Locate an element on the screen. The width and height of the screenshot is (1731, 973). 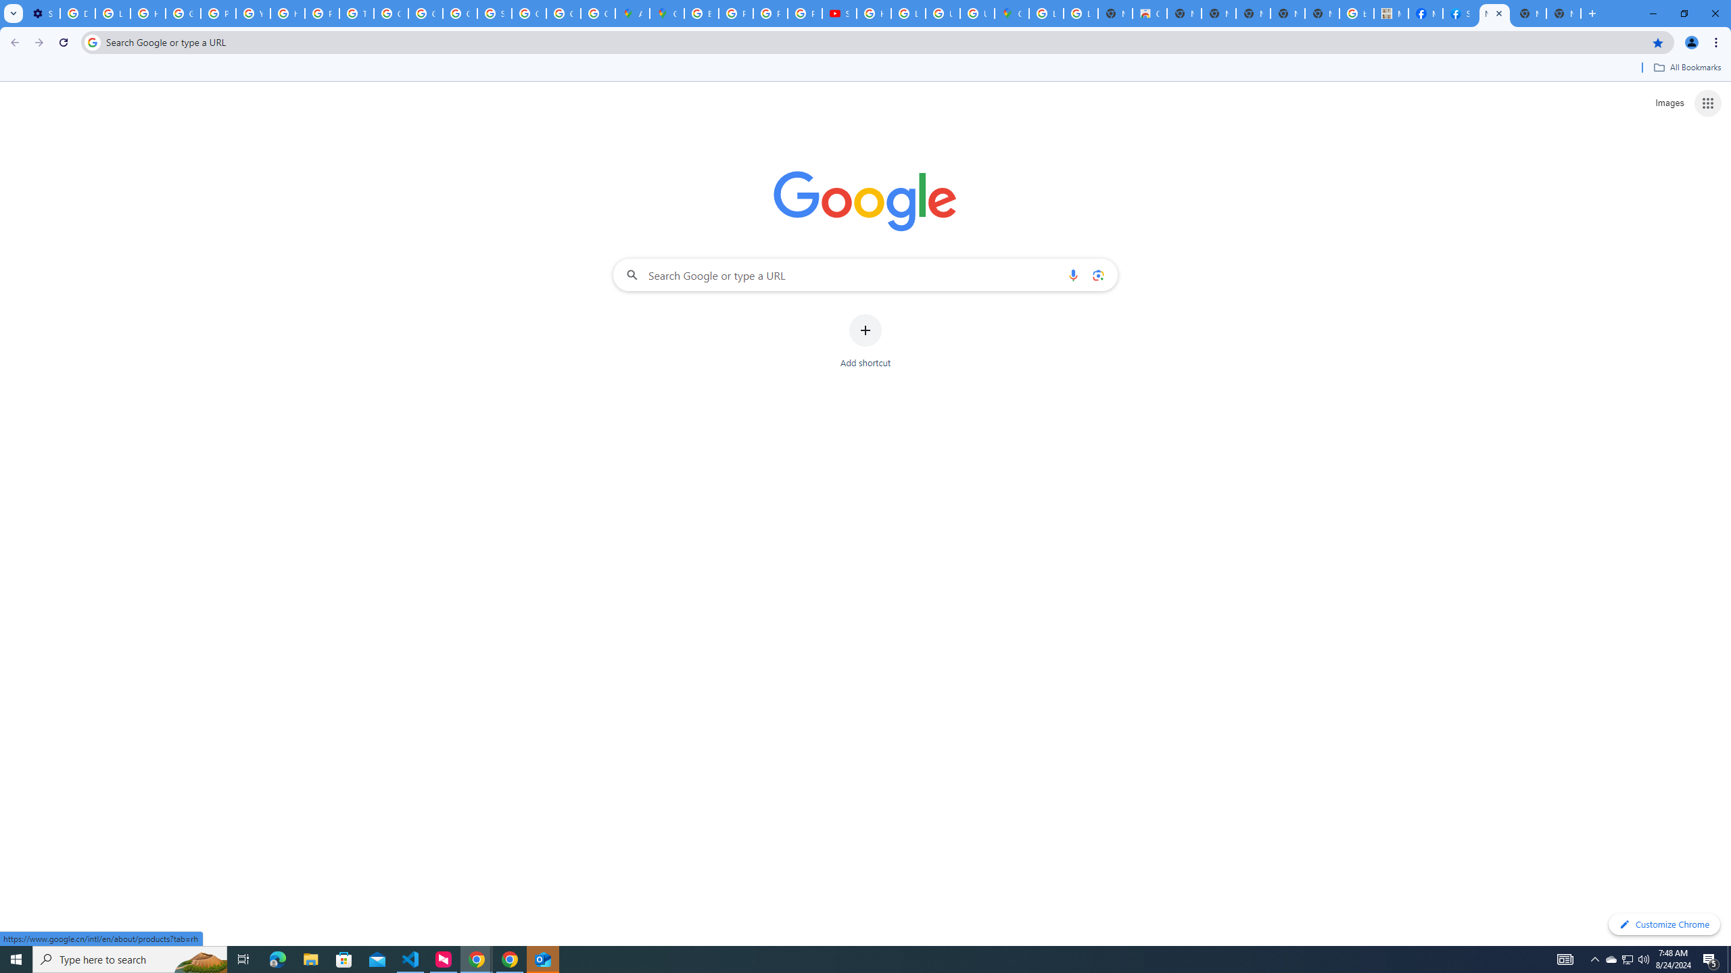
'Chrome Web Store' is located at coordinates (1149, 13).